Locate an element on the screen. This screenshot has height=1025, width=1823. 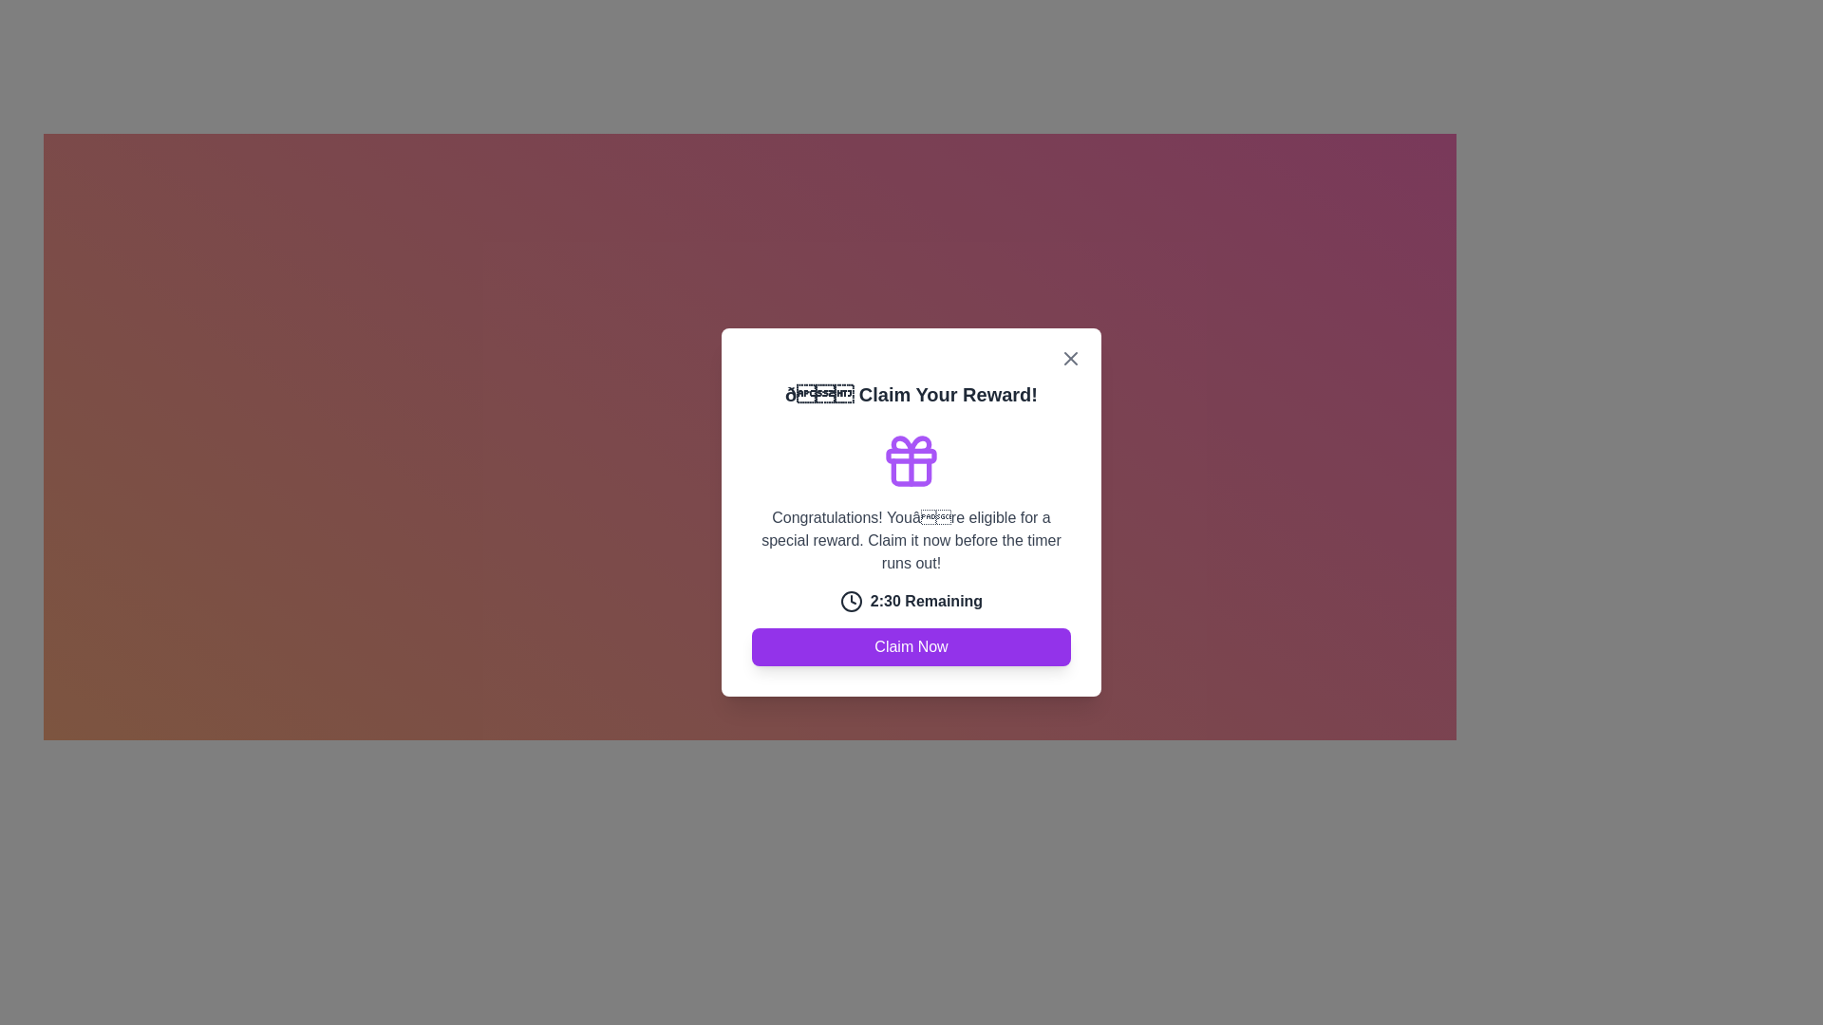
text label displaying '🎉 Claim Your Reward!' which is prominently centered at the top of the modal interface is located at coordinates (911, 394).